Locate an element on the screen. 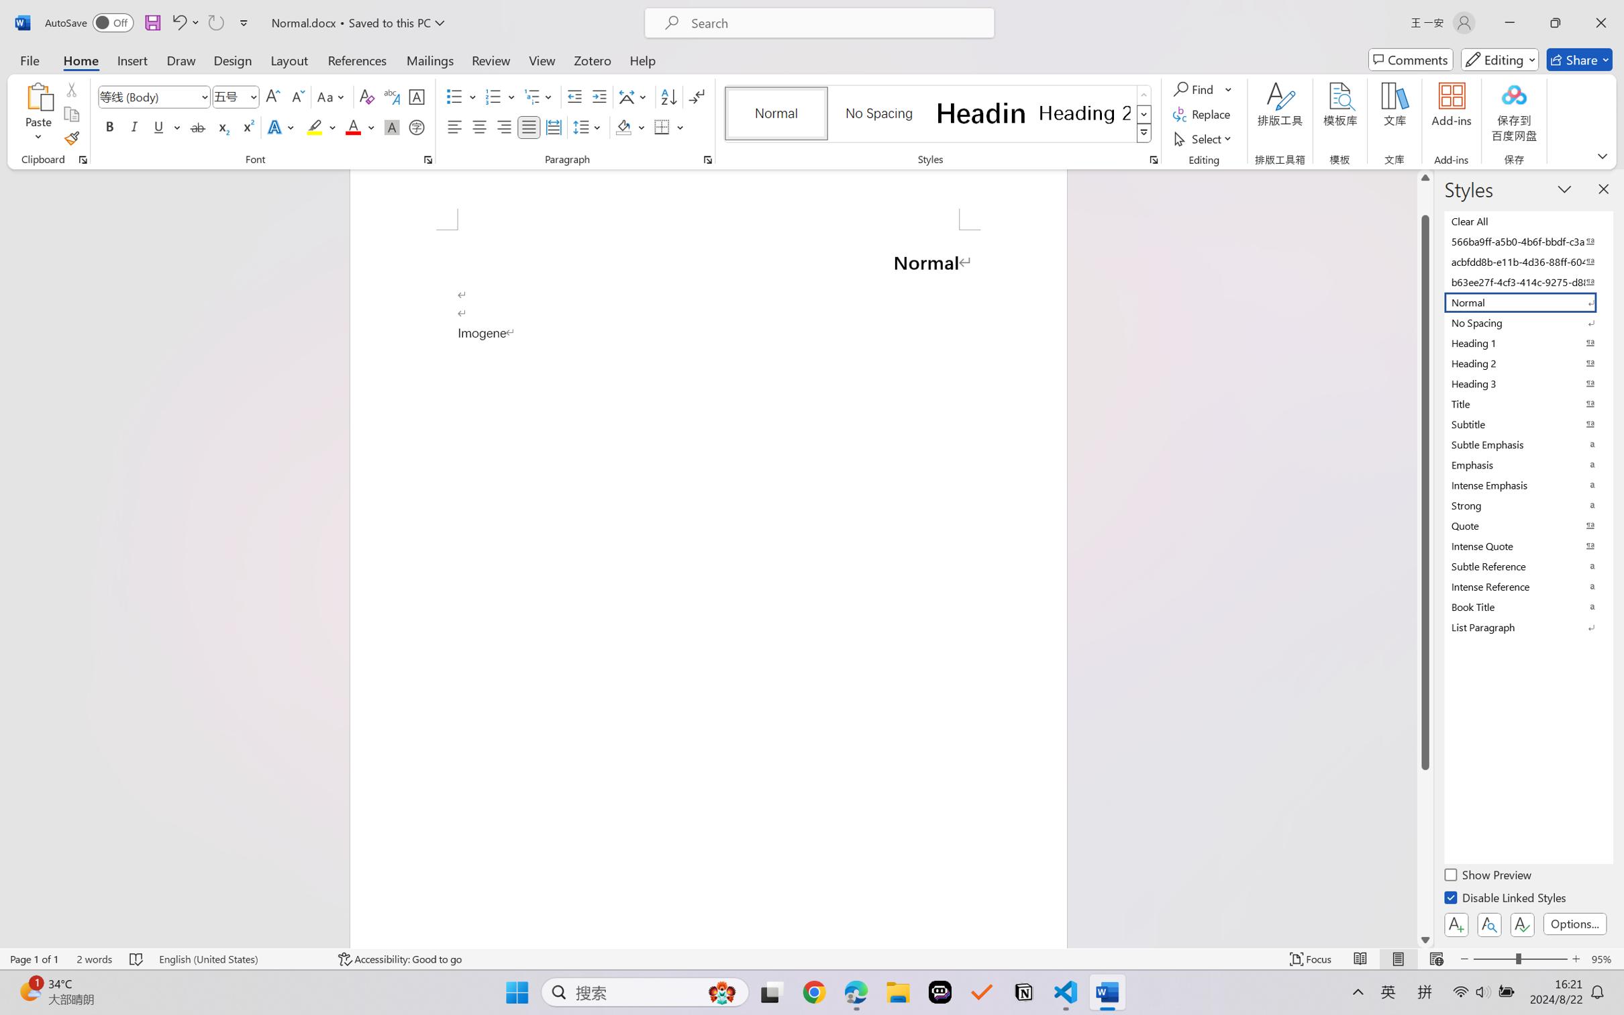  'Intense Quote' is located at coordinates (1527, 546).